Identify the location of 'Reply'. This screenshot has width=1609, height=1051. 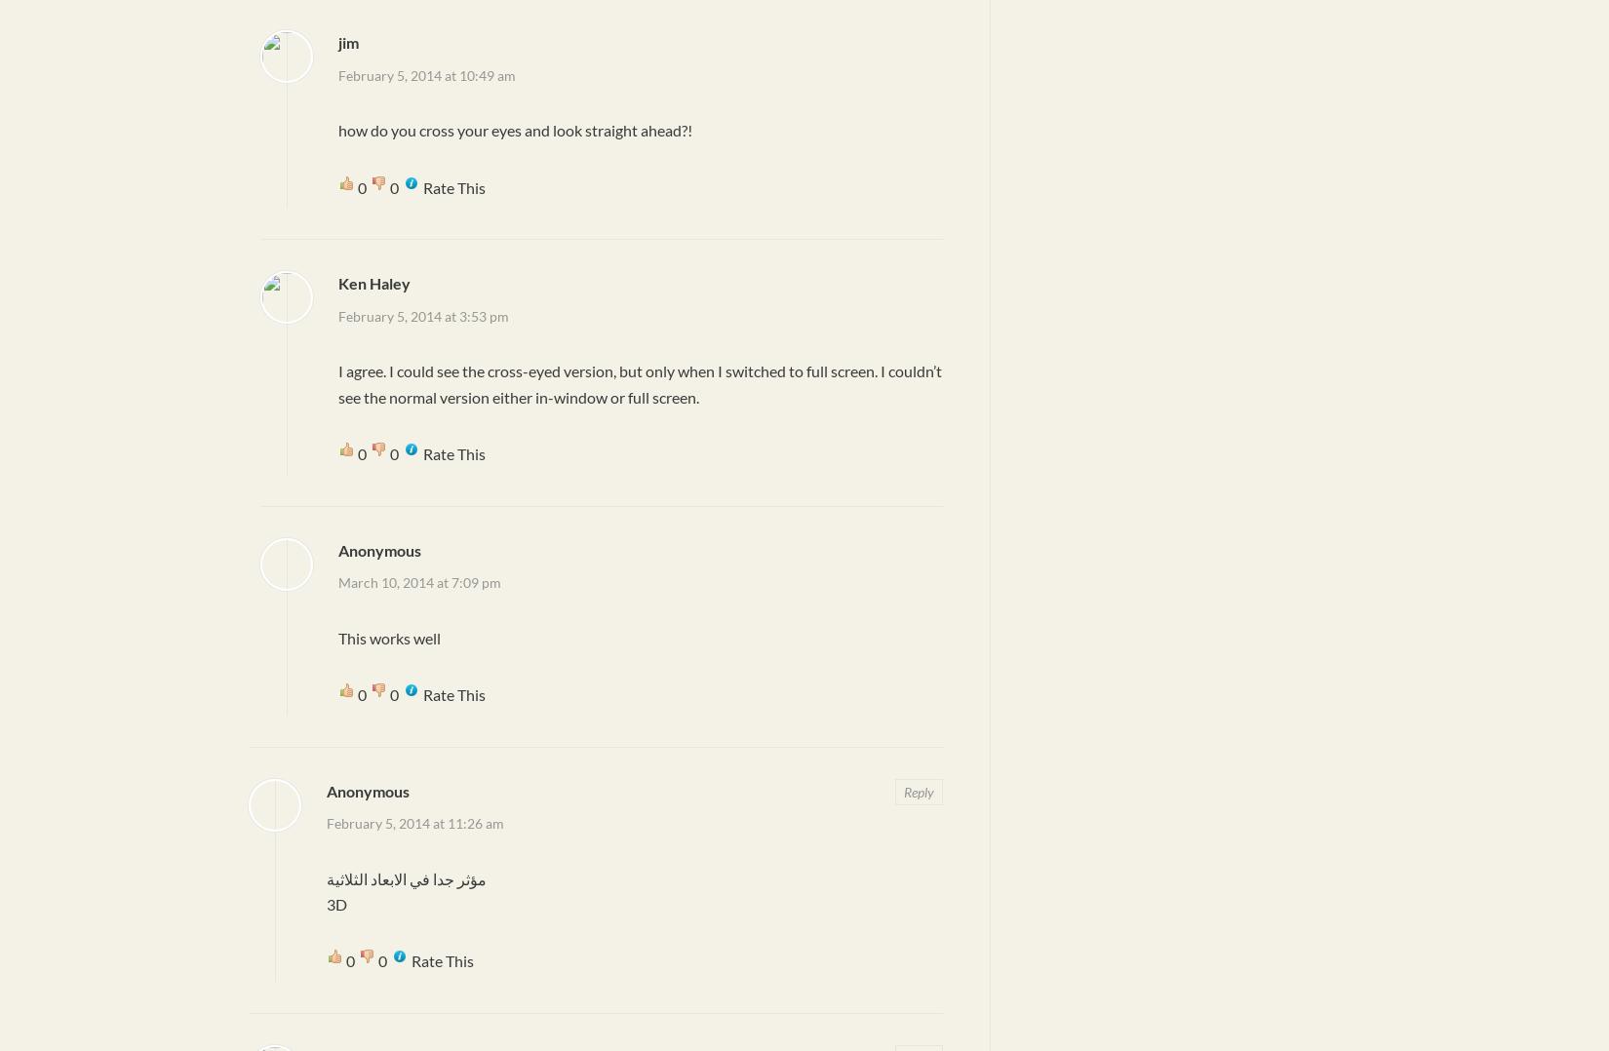
(919, 791).